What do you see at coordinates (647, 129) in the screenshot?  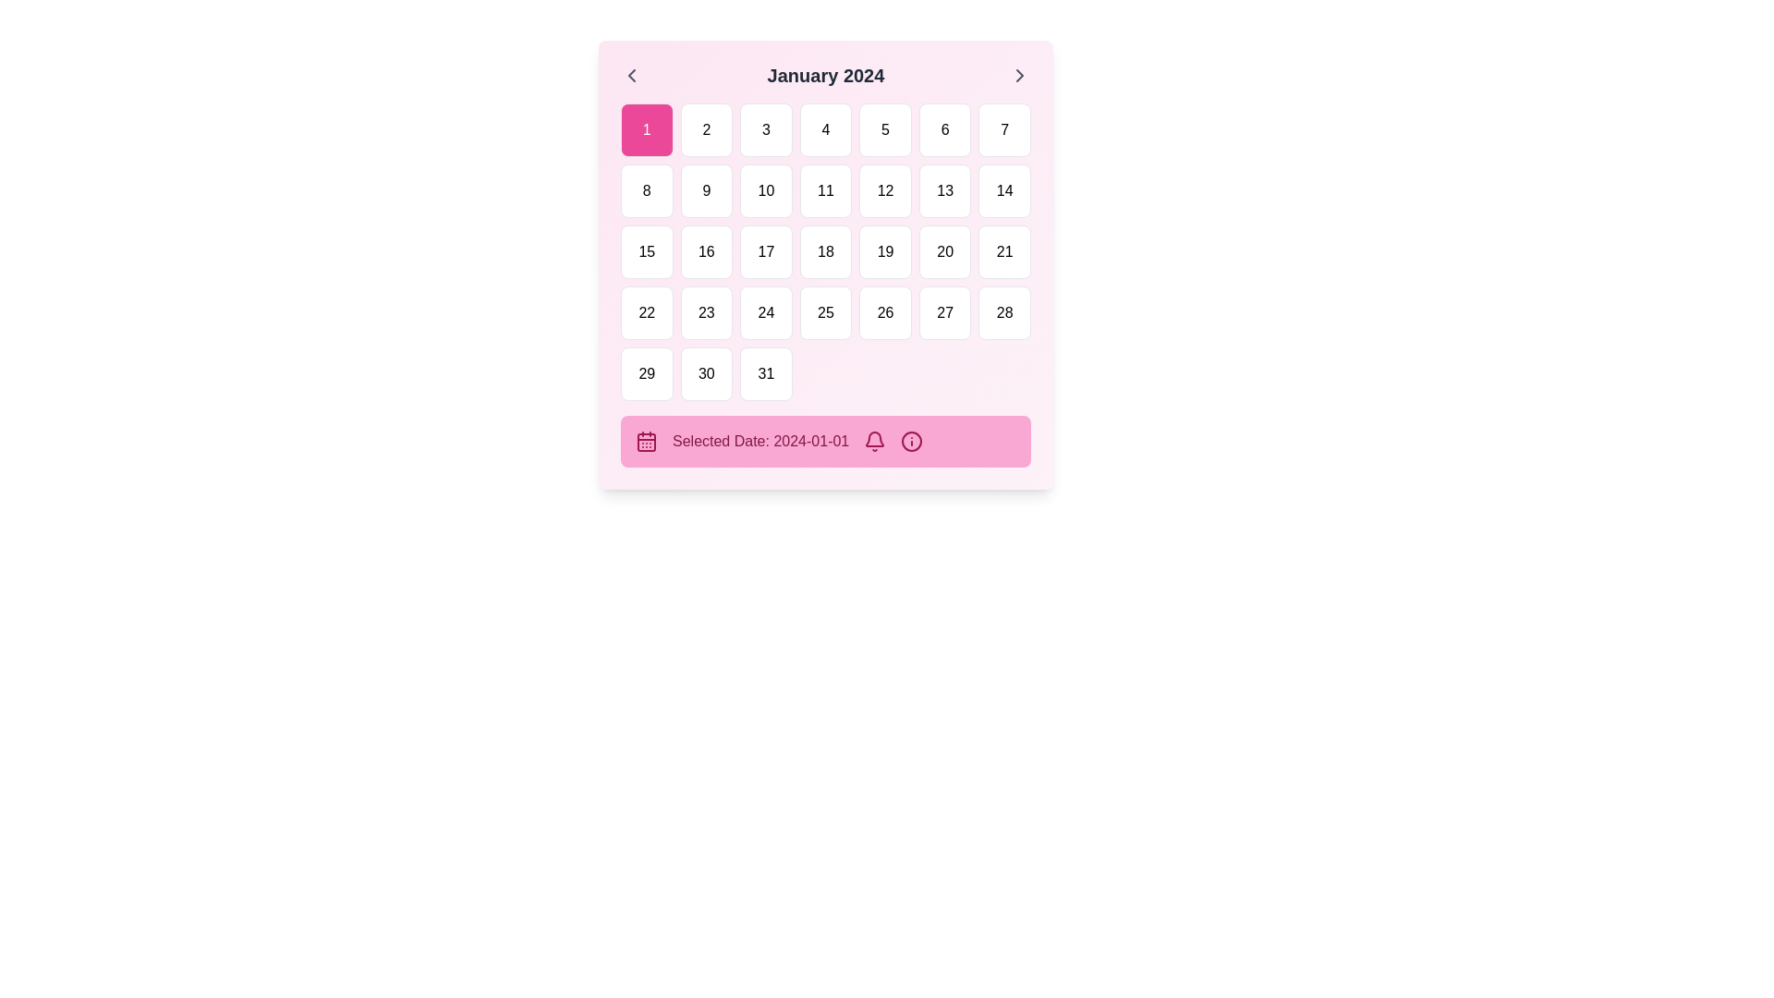 I see `the rounded, square-shaped button with a pink background and white text displaying the number '1'` at bounding box center [647, 129].